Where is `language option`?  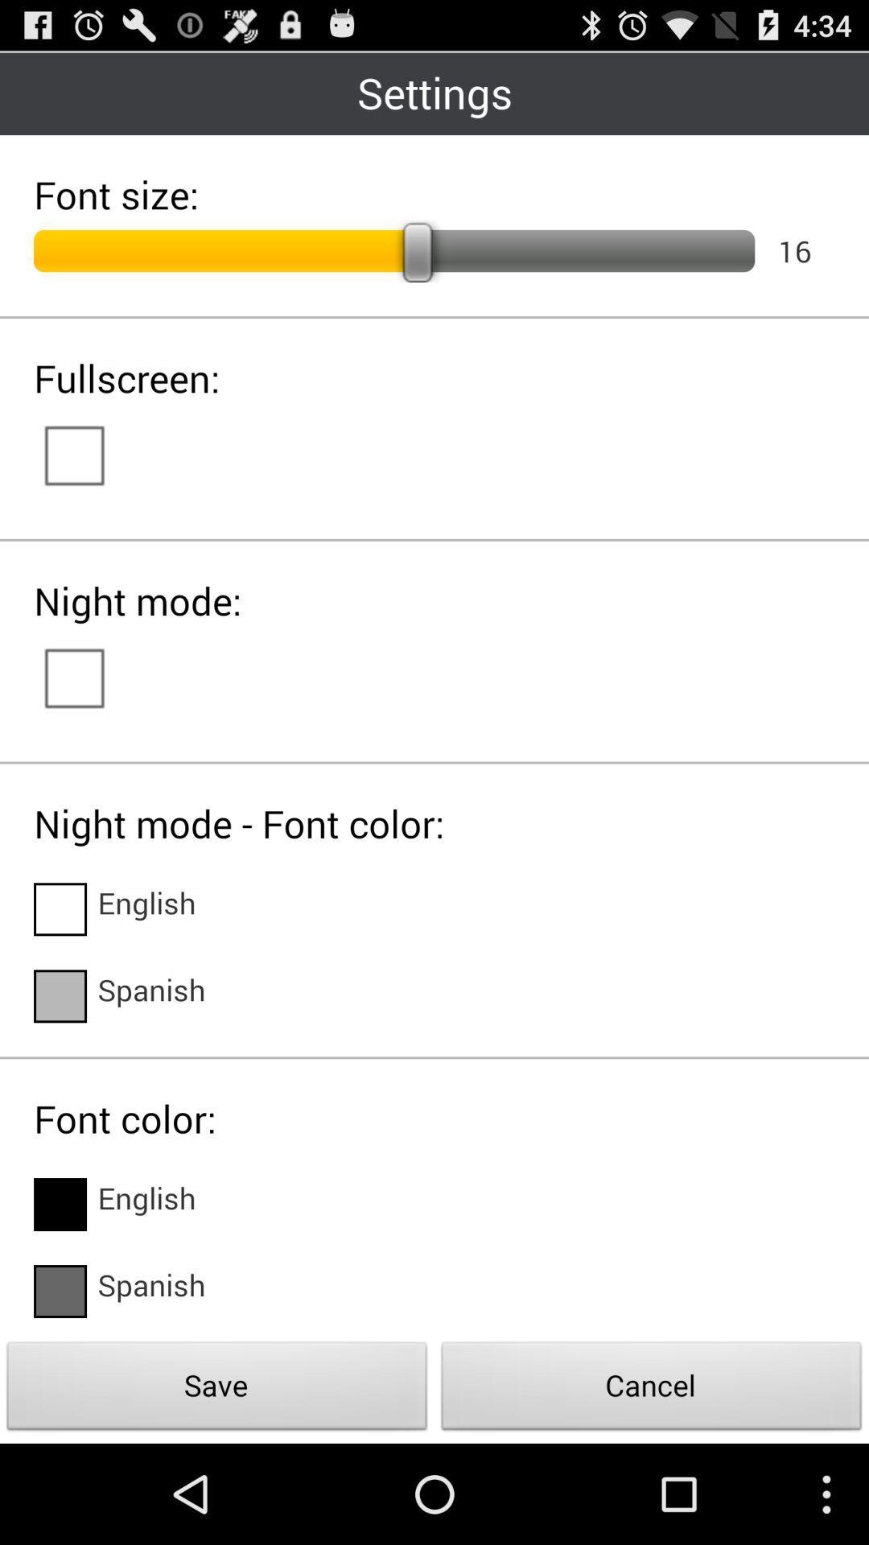
language option is located at coordinates (59, 909).